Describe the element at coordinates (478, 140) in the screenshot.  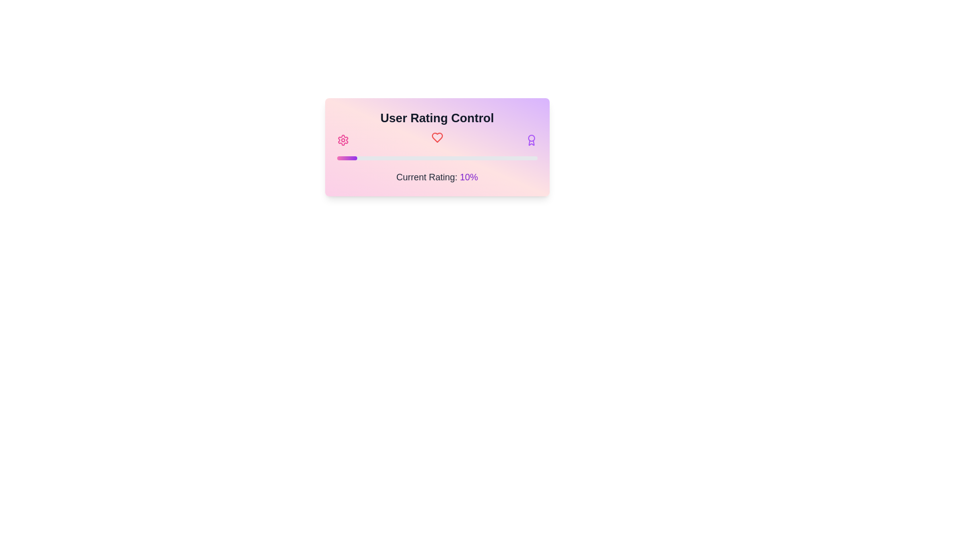
I see `the rating value` at that location.